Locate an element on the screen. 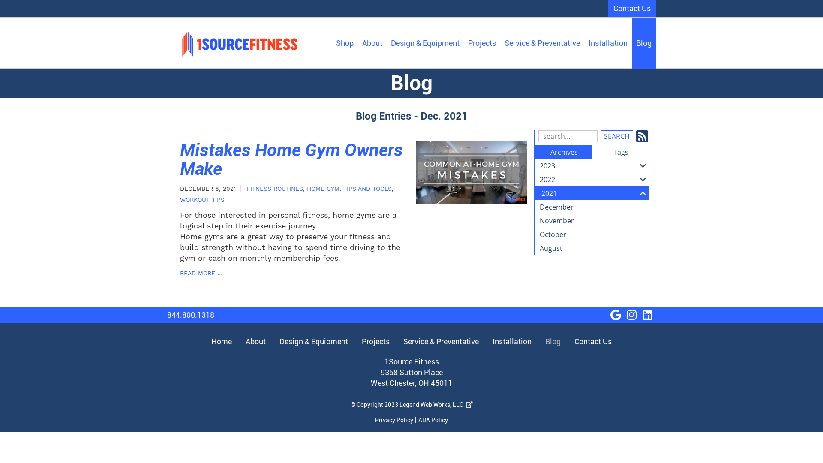  '2022' is located at coordinates (535, 179).